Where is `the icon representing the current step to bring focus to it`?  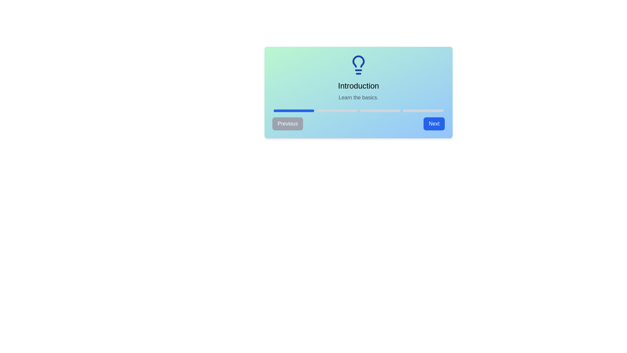
the icon representing the current step to bring focus to it is located at coordinates (358, 65).